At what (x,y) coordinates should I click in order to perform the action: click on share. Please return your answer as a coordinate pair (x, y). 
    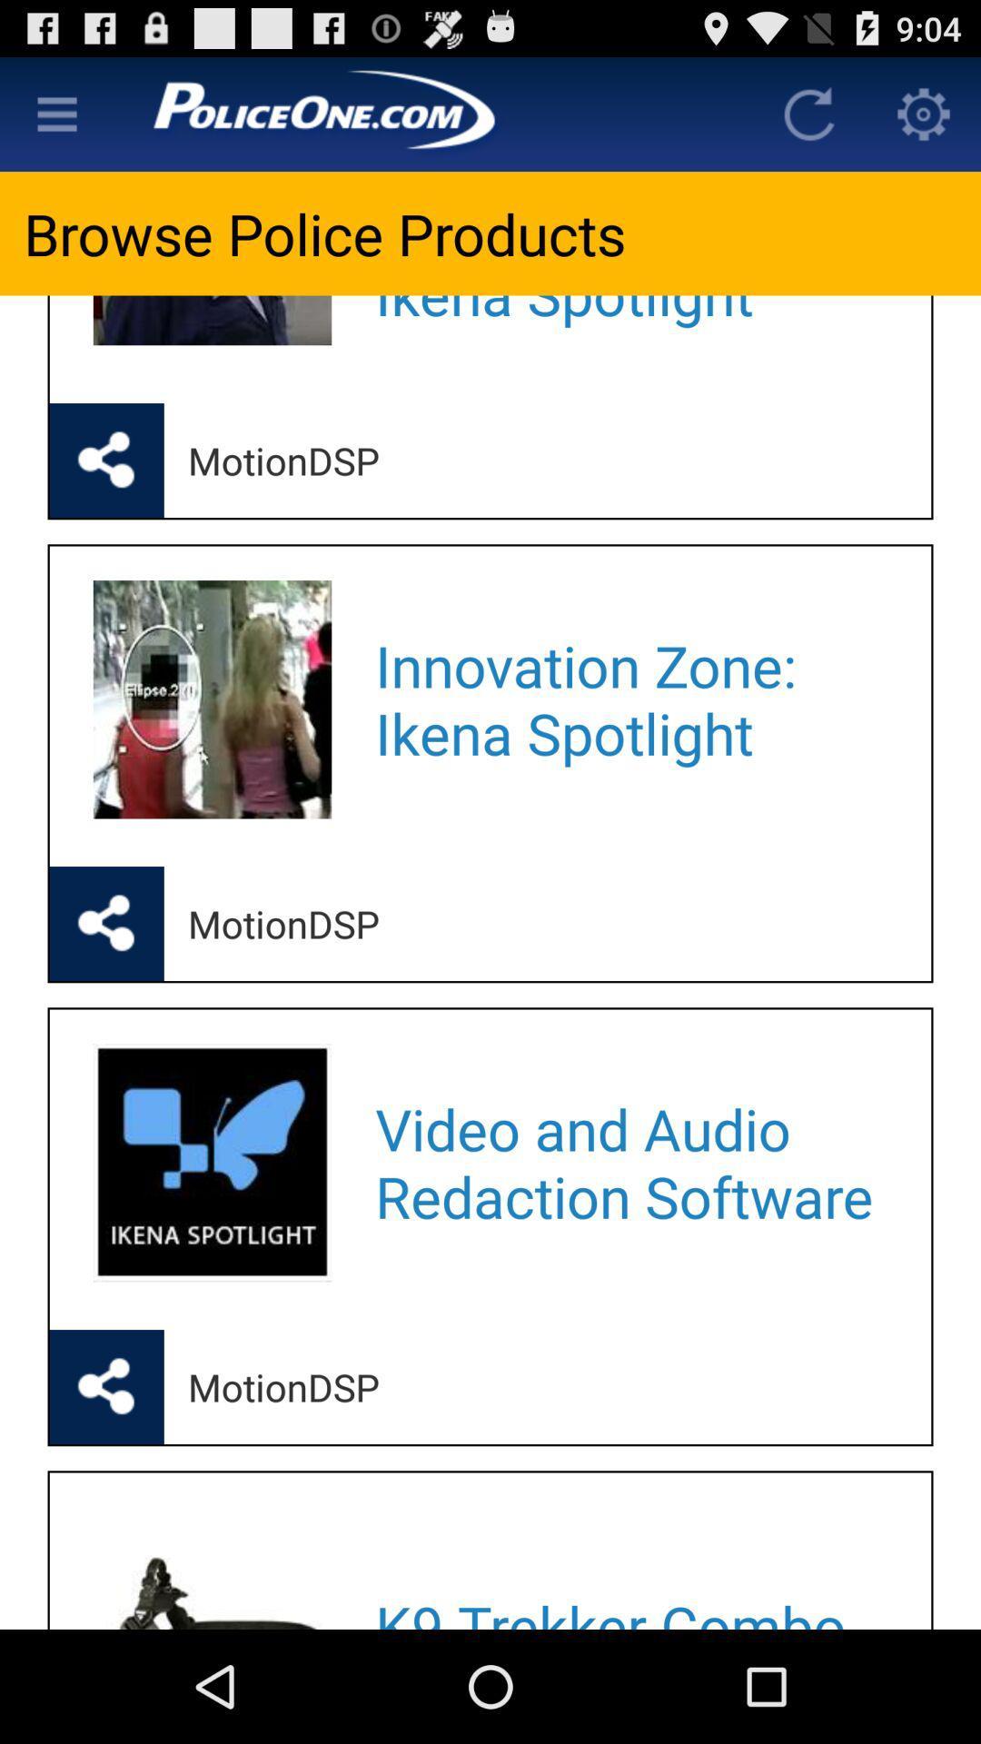
    Looking at the image, I should click on (106, 1385).